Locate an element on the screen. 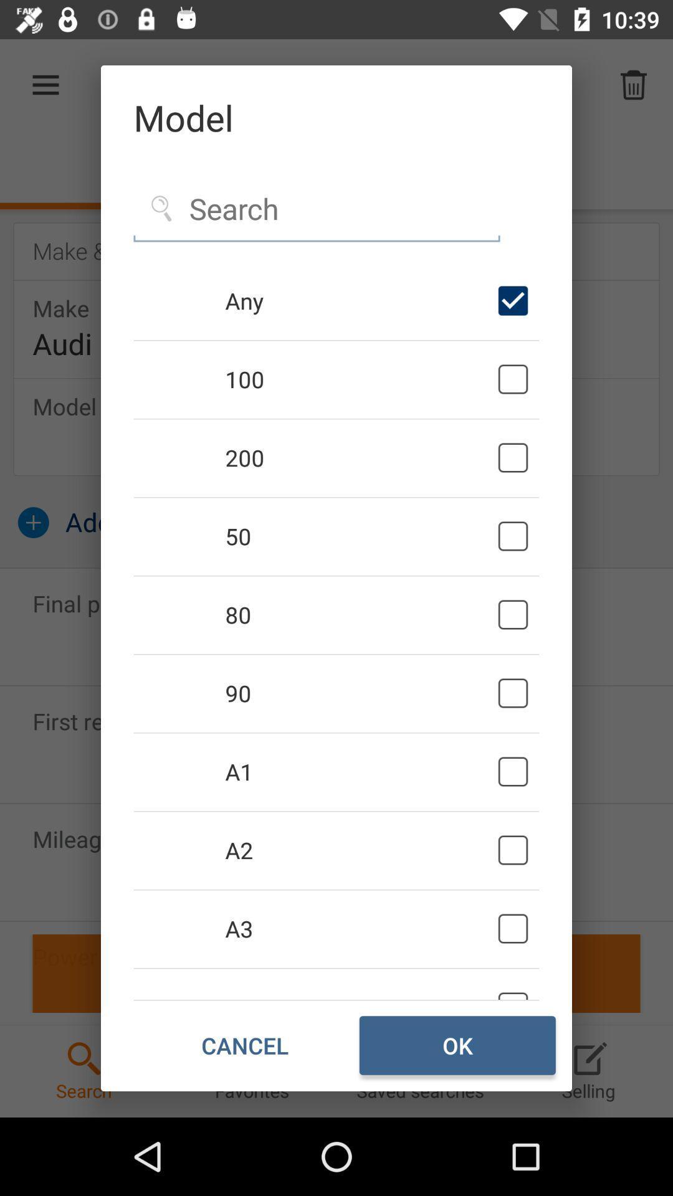 This screenshot has height=1196, width=673. the item below 100 is located at coordinates (359, 457).